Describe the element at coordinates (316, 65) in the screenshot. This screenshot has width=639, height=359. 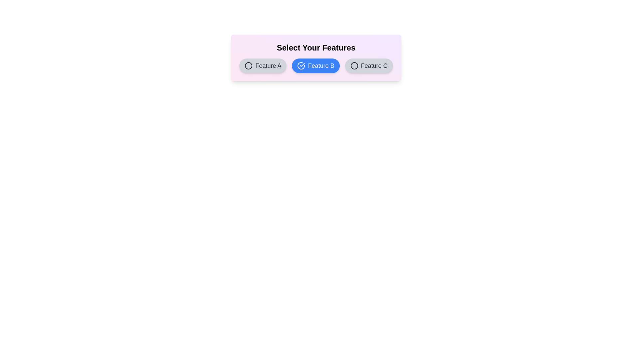
I see `the button labeled Feature B to observe its hover effect` at that location.